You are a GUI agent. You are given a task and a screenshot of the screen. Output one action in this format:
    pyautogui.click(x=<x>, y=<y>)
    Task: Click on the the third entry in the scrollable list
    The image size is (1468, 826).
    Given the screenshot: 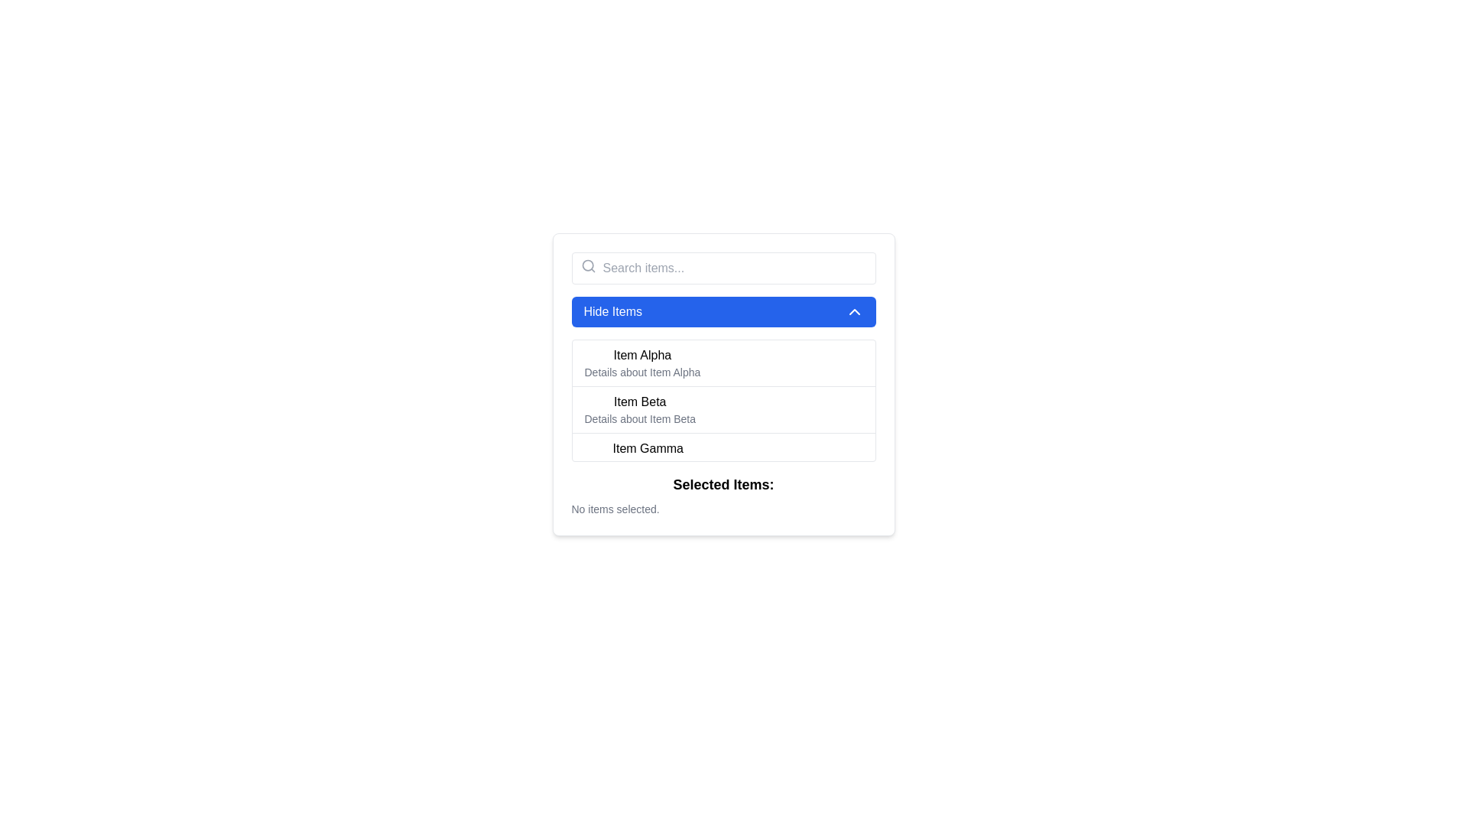 What is the action you would take?
    pyautogui.click(x=723, y=455)
    